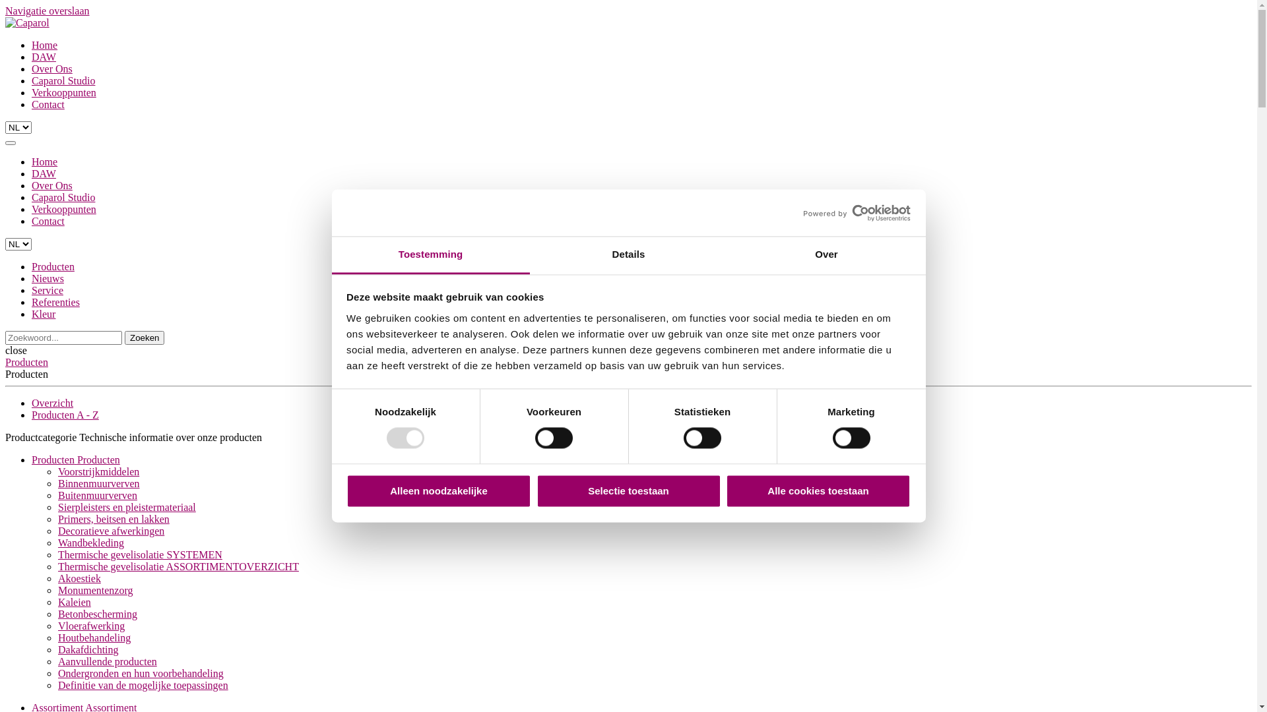 This screenshot has width=1267, height=712. What do you see at coordinates (627, 255) in the screenshot?
I see `'Details'` at bounding box center [627, 255].